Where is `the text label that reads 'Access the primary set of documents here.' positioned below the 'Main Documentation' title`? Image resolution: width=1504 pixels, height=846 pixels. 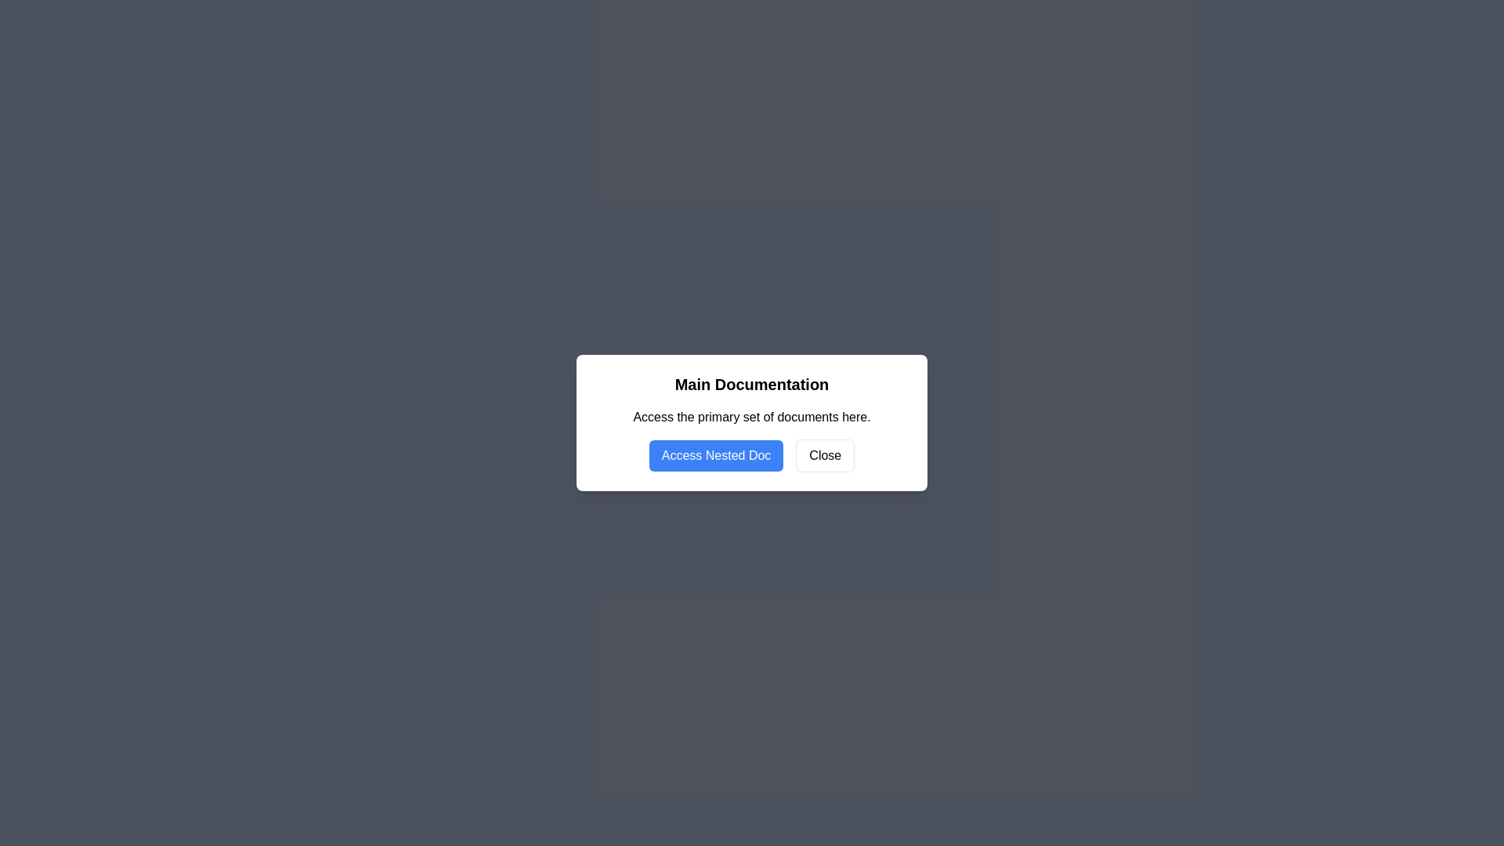
the text label that reads 'Access the primary set of documents here.' positioned below the 'Main Documentation' title is located at coordinates (752, 416).